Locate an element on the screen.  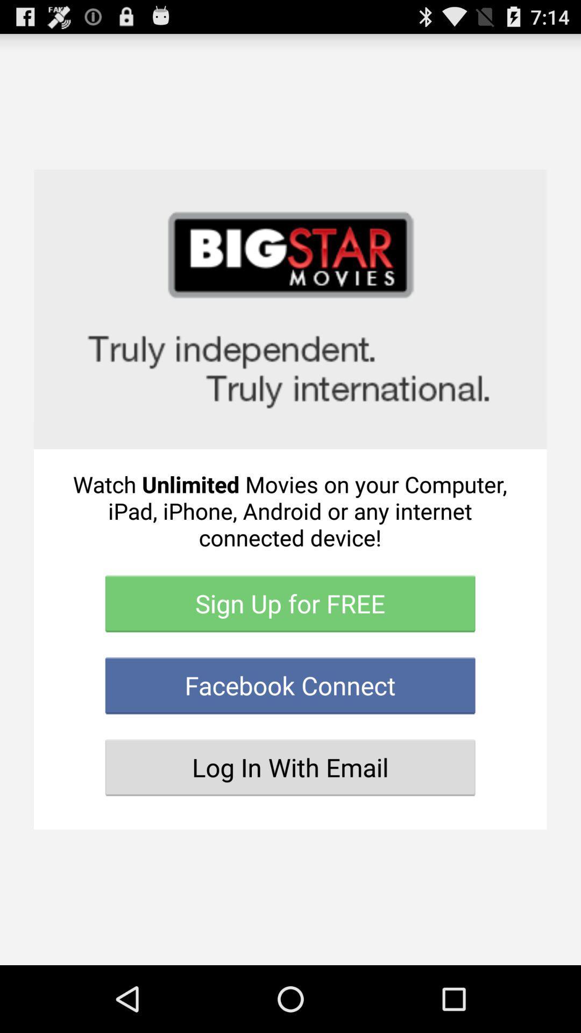
sign up for is located at coordinates (289, 604).